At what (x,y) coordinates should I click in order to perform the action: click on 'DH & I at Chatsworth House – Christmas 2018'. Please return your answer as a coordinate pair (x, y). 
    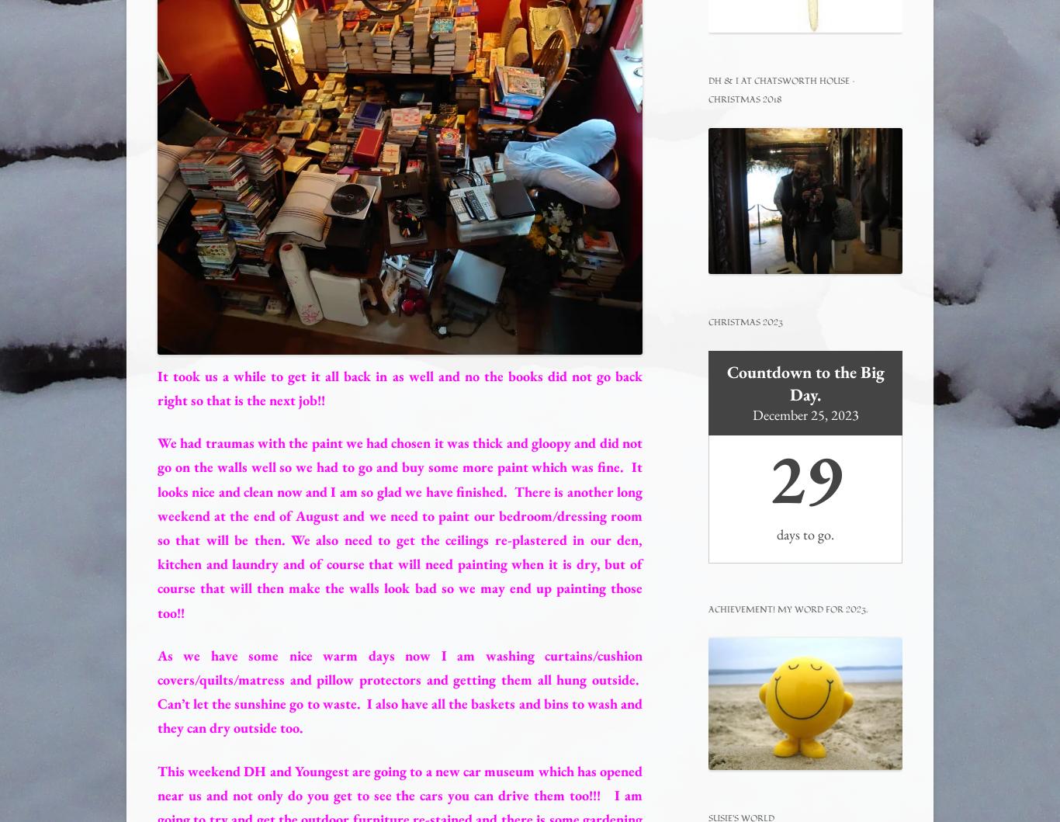
    Looking at the image, I should click on (708, 89).